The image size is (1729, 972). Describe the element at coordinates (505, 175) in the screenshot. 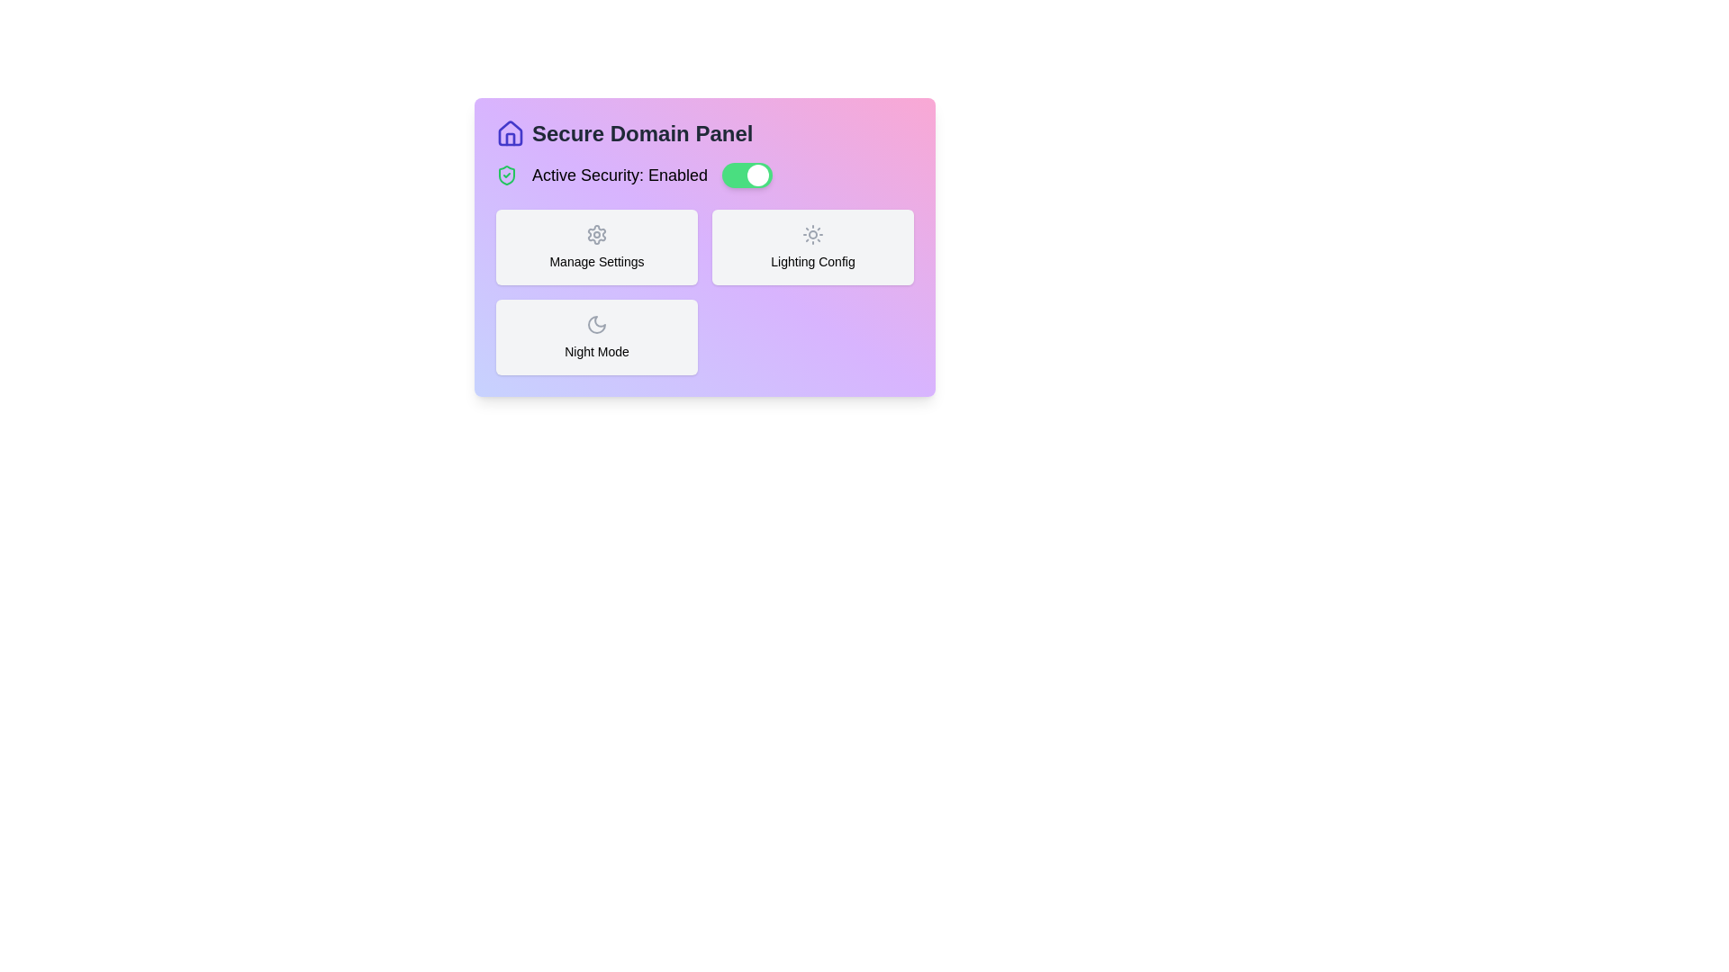

I see `the security status icon located in the top-left section of the Secure Domain Panel interface, positioned to the left of the 'Active Security: Enabled' toggle switch` at that location.